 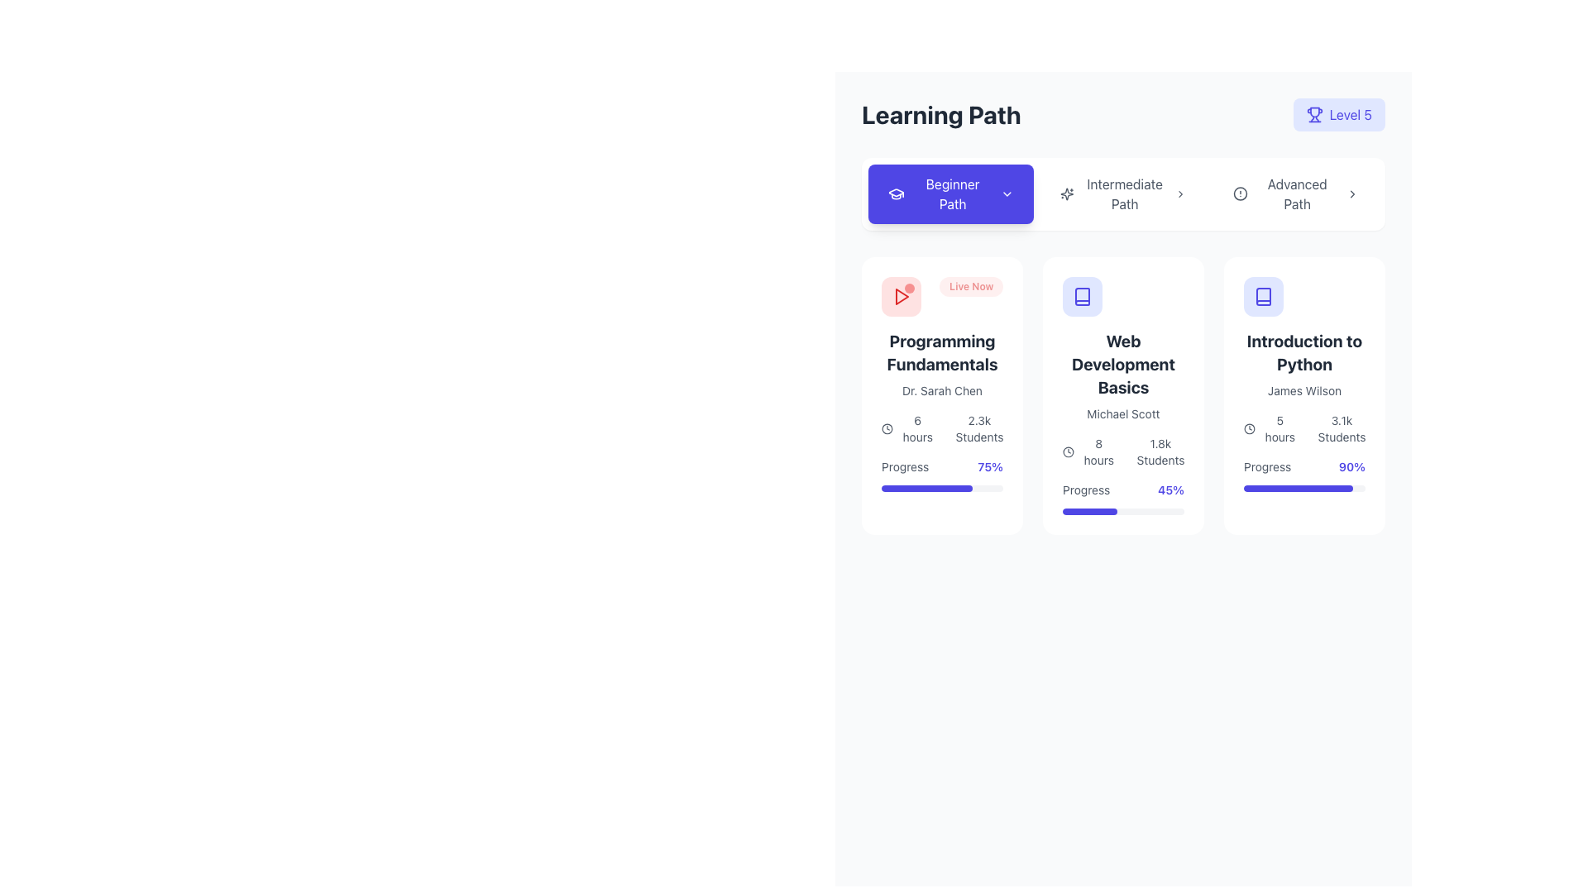 What do you see at coordinates (1313, 113) in the screenshot?
I see `the decorative icon located inside the button-like component adjacent to the 'Level 5' label, which signifies an achievement or level status` at bounding box center [1313, 113].